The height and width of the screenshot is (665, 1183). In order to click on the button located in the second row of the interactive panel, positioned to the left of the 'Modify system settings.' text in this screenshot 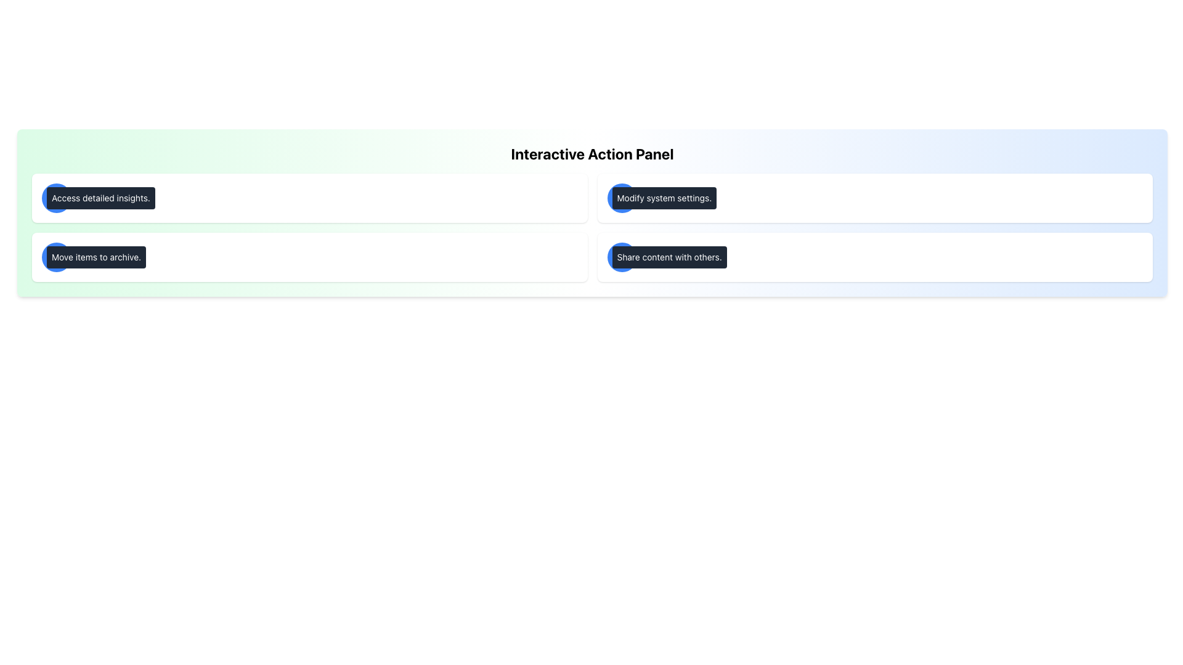, I will do `click(622, 197)`.